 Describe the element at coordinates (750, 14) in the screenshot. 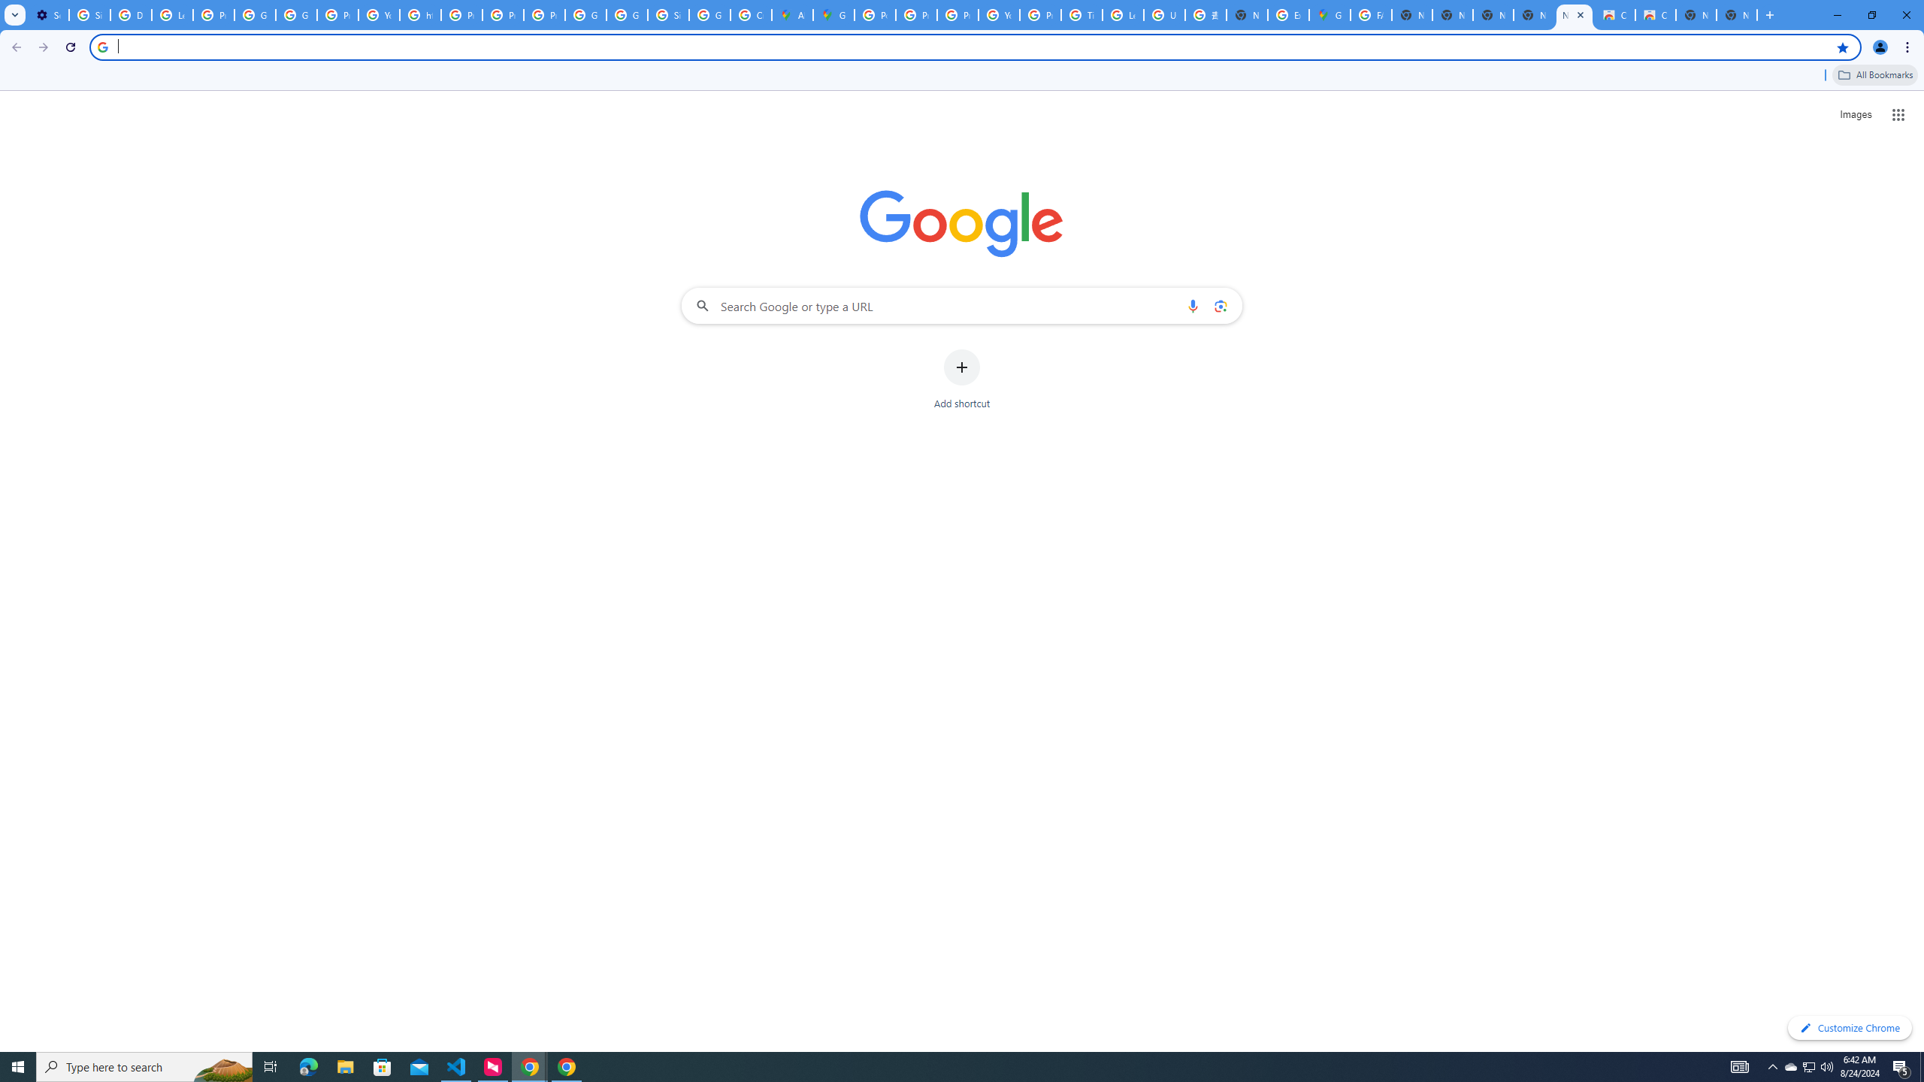

I see `'Create your Google Account'` at that location.